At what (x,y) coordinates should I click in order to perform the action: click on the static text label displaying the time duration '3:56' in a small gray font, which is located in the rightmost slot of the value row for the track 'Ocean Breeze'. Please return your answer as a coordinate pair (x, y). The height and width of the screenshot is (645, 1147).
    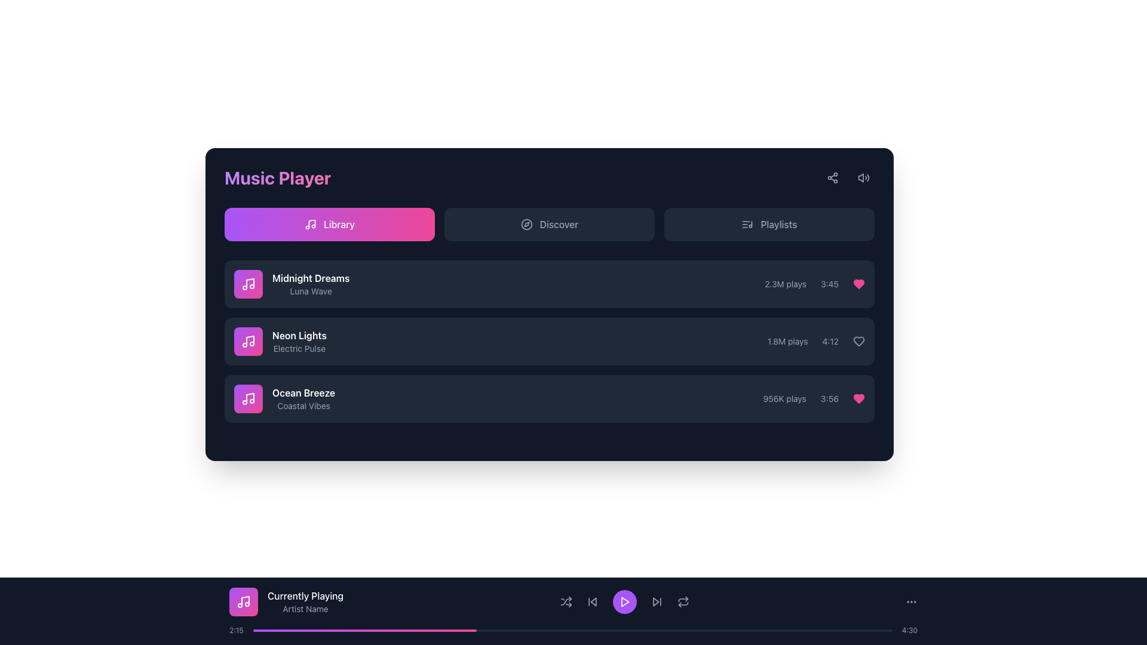
    Looking at the image, I should click on (829, 398).